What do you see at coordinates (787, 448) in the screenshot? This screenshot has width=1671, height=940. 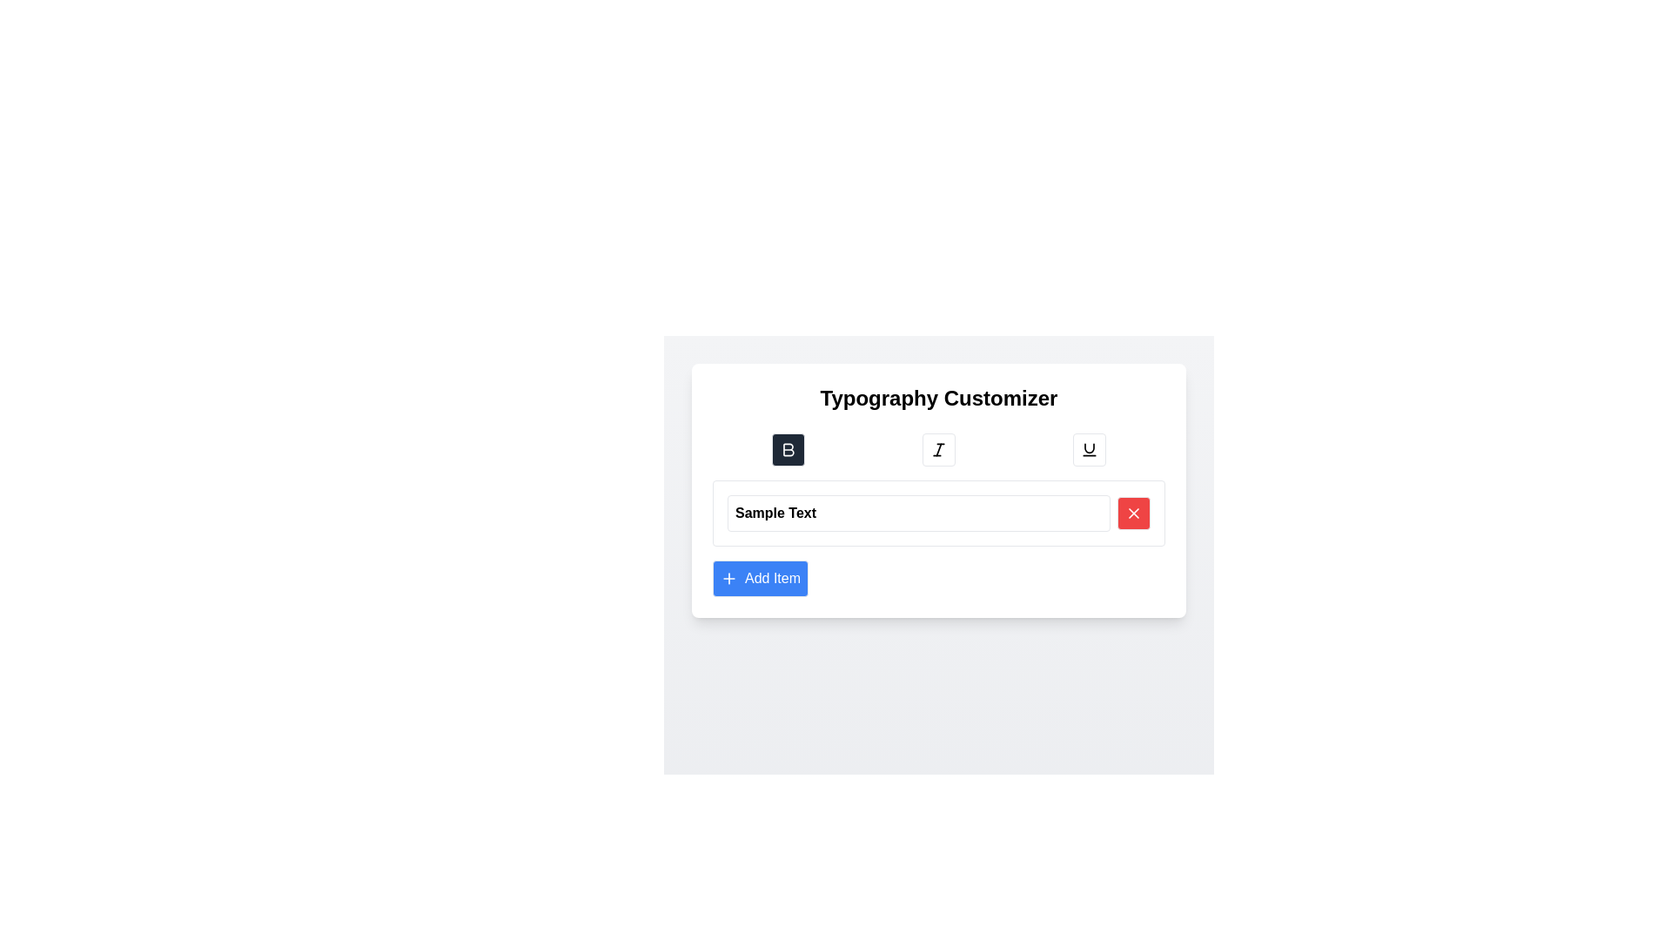 I see `the square button with a dark background and white border, which contains a bold 'B' icon, located beneath the 'Typography Customizer' heading` at bounding box center [787, 448].